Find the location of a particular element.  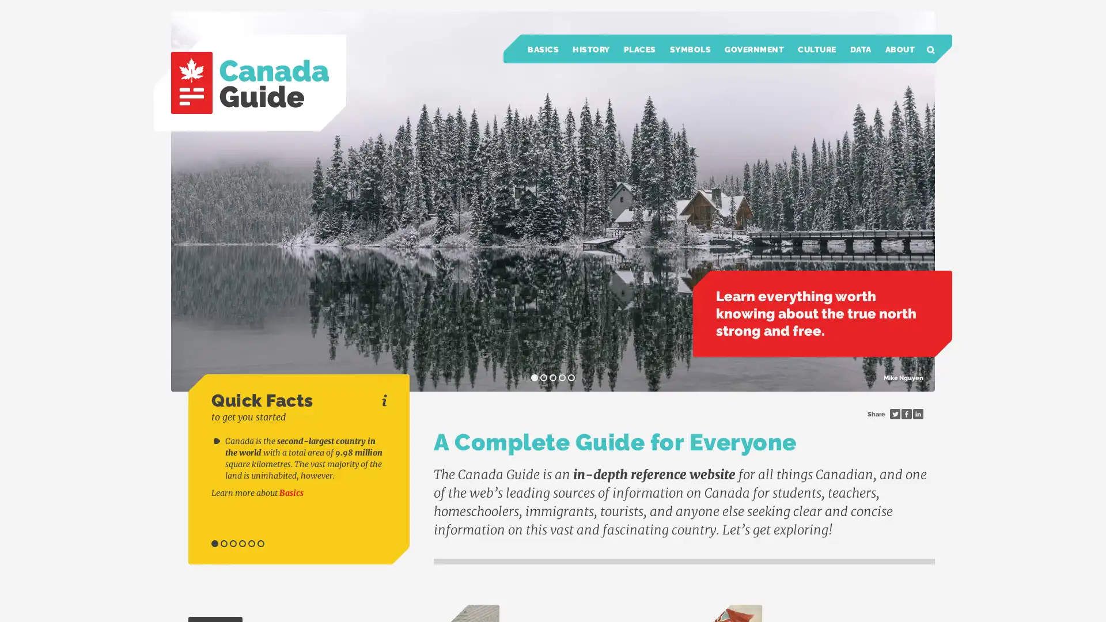

Go to slide 3 is located at coordinates (553, 377).